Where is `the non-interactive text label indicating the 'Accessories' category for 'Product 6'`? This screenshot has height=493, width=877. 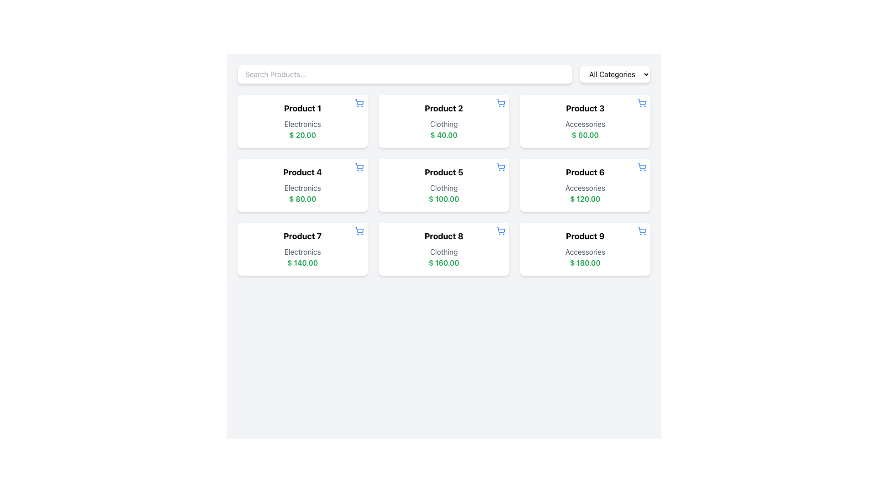
the non-interactive text label indicating the 'Accessories' category for 'Product 6' is located at coordinates (585, 188).